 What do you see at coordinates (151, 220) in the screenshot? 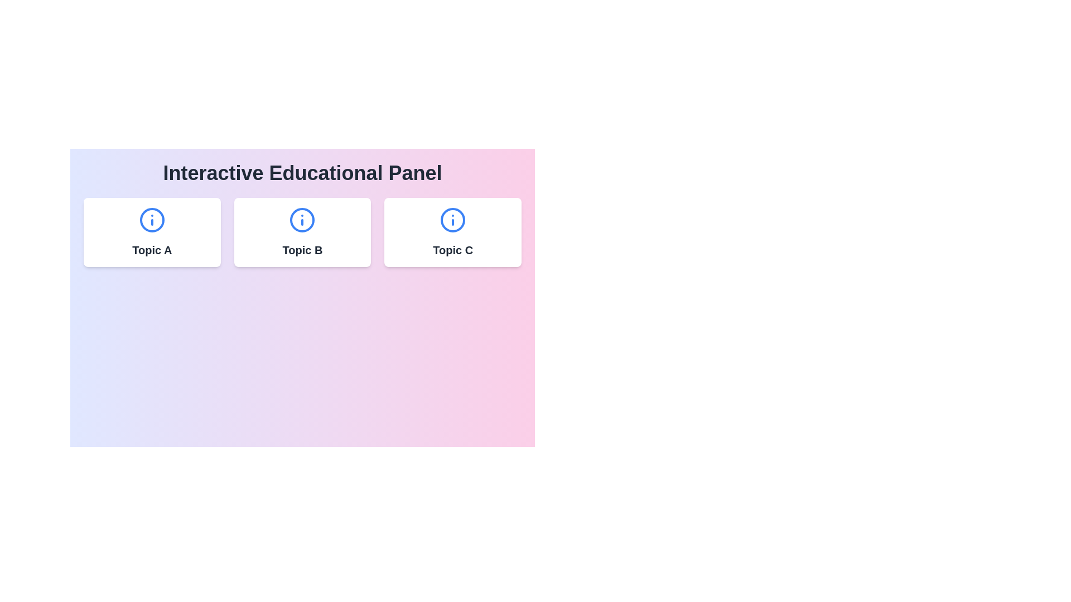
I see `the blue informational icon ('i') located above the text 'Topic A' in the leftmost card of the horizontally aligned set of three cards` at bounding box center [151, 220].